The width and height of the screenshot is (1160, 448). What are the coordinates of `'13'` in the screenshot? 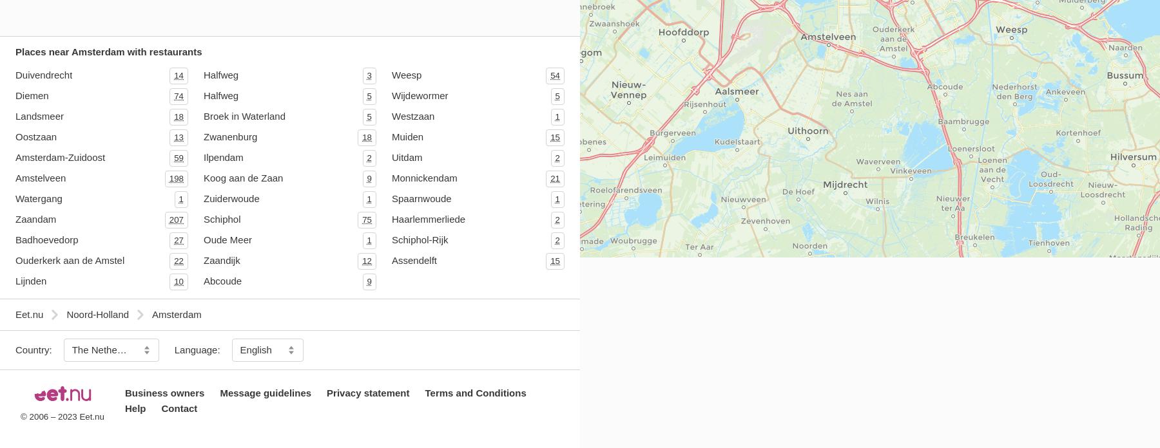 It's located at (178, 136).